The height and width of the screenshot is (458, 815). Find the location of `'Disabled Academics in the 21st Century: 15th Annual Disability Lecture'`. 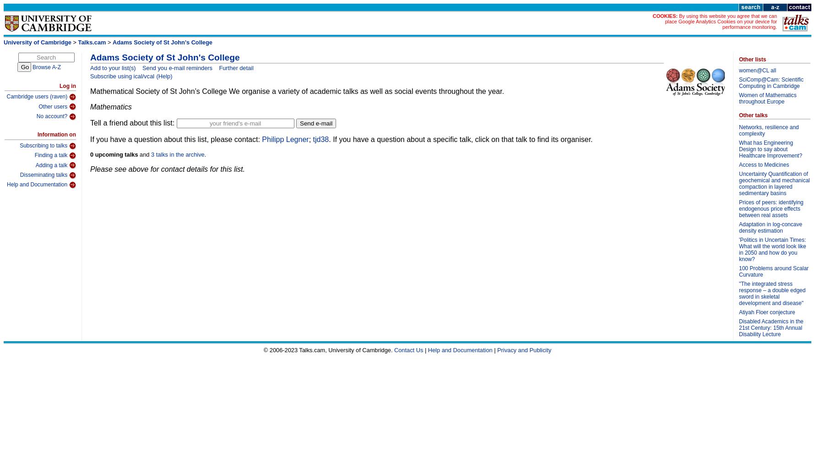

'Disabled Academics in the 21st Century: 15th Annual Disability Lecture' is located at coordinates (771, 327).